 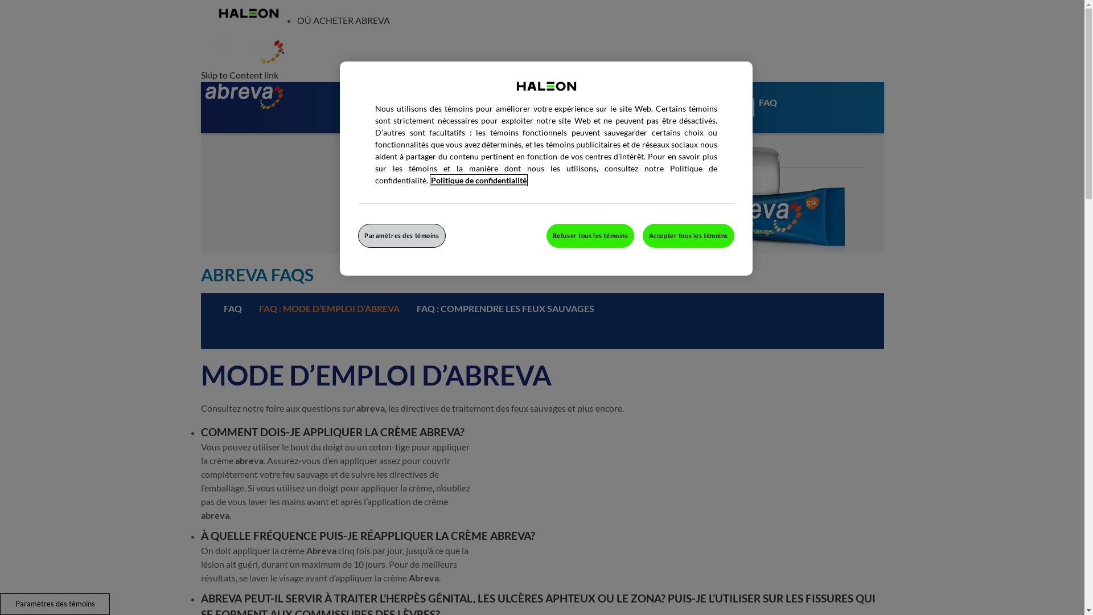 What do you see at coordinates (248, 13) in the screenshot?
I see `'Haleon'` at bounding box center [248, 13].